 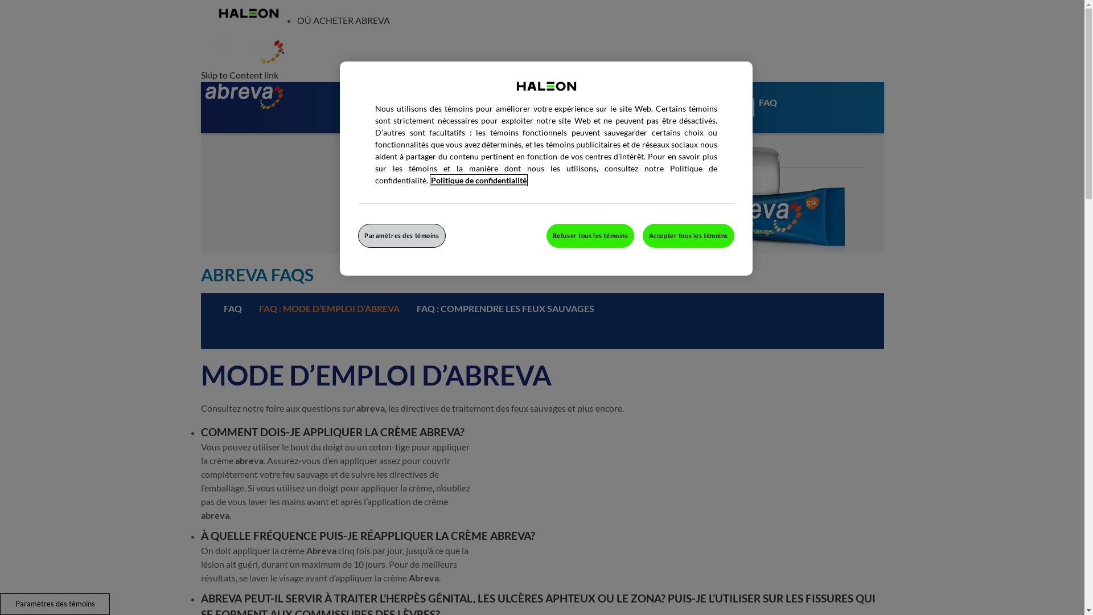 What do you see at coordinates (248, 13) in the screenshot?
I see `'Haleon'` at bounding box center [248, 13].